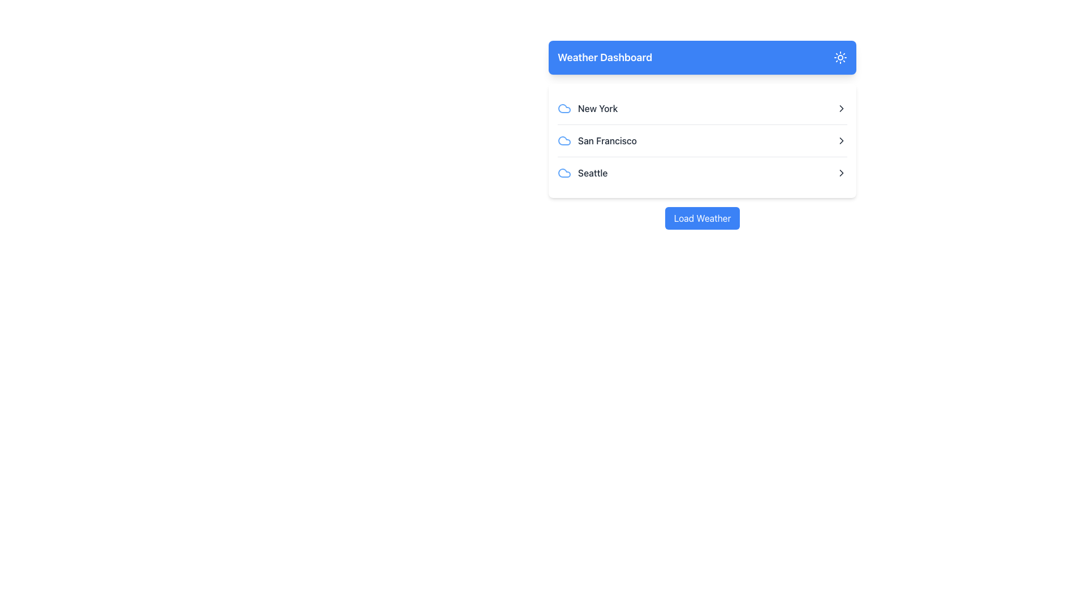 The width and height of the screenshot is (1086, 611). Describe the element at coordinates (841, 57) in the screenshot. I see `the sun-like icon located at the far-right side of the header bar adjacent to the 'Weather Dashboard' title` at that location.